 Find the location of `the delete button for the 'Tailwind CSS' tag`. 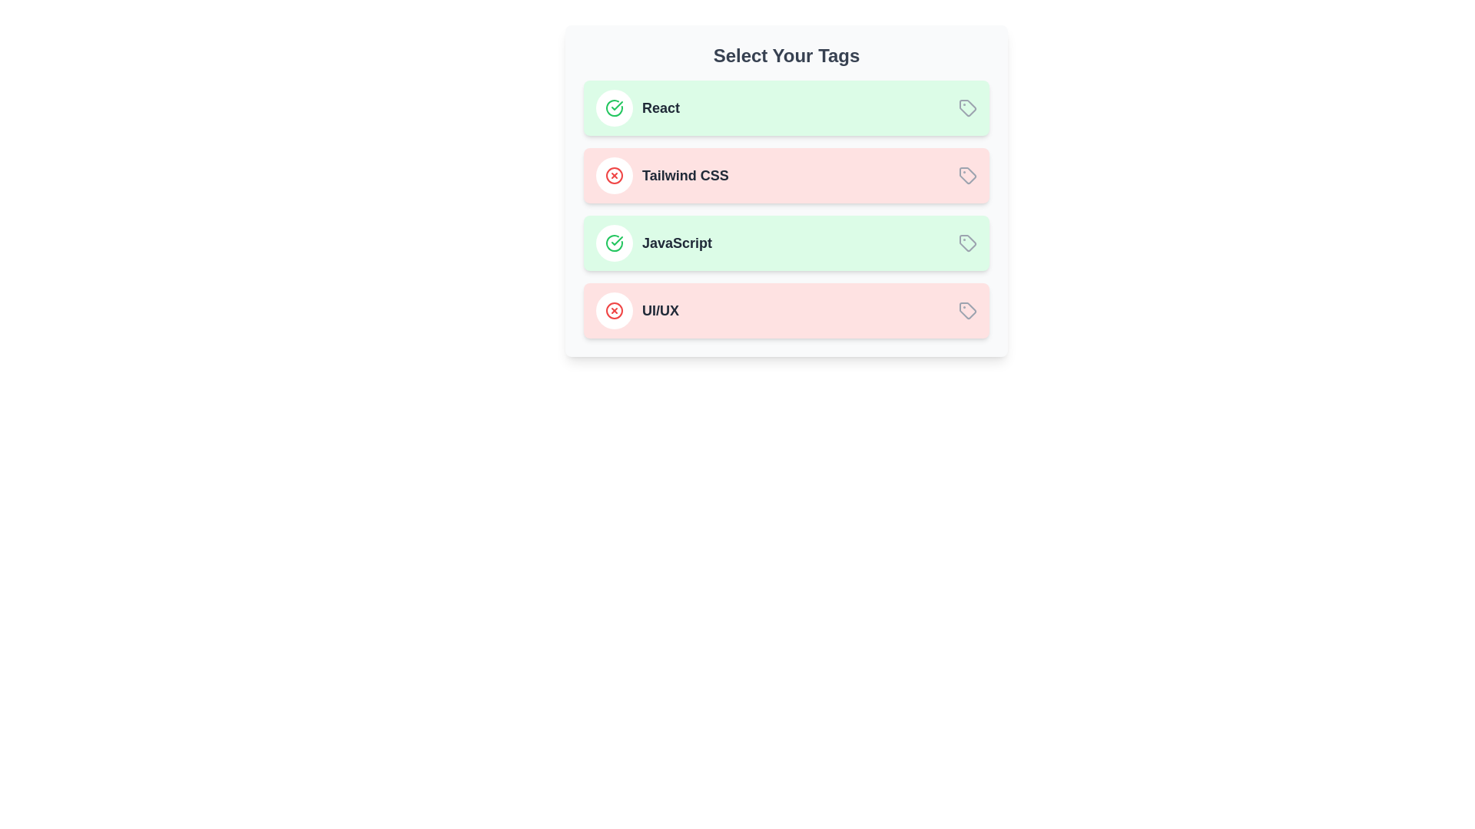

the delete button for the 'Tailwind CSS' tag is located at coordinates (615, 174).